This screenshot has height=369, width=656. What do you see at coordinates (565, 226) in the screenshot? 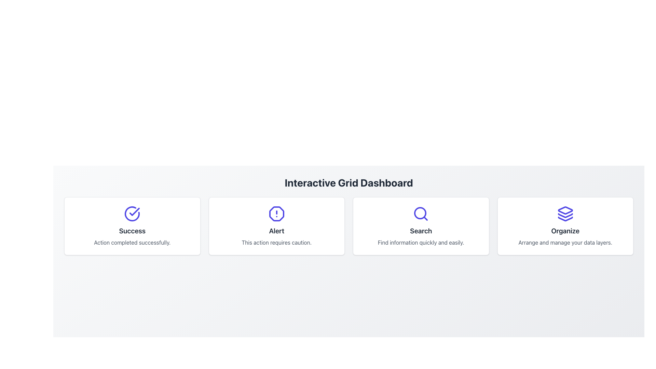
I see `the Informational Card that communicates the feature 'Organize', which is located at the rightmost position in a grid layout of four cards` at bounding box center [565, 226].